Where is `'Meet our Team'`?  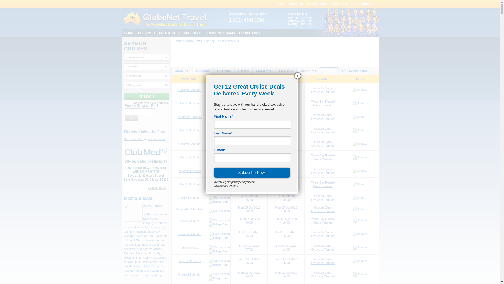
'Meet our Team' is located at coordinates (328, 22).